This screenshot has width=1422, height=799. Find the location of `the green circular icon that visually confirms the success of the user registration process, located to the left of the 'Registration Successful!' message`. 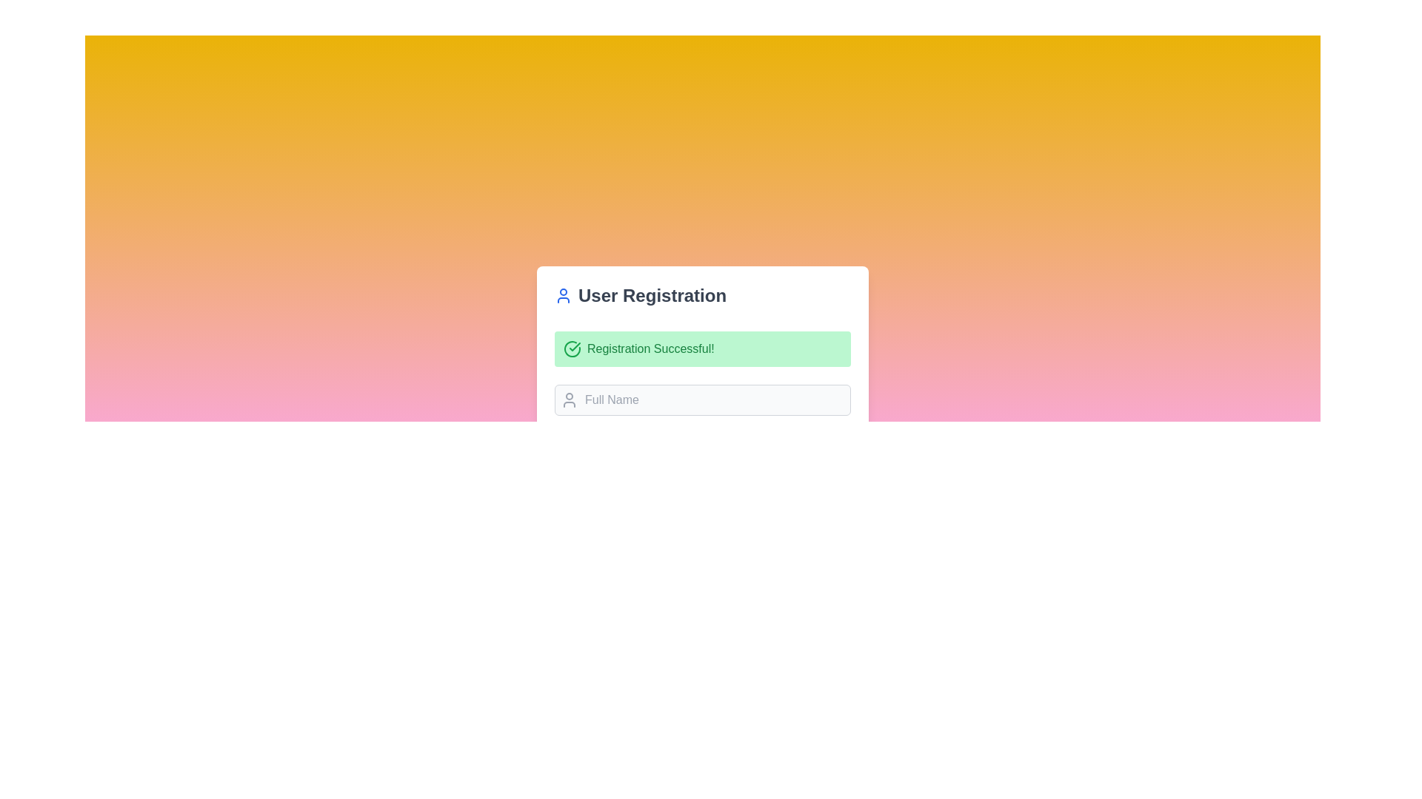

the green circular icon that visually confirms the success of the user registration process, located to the left of the 'Registration Successful!' message is located at coordinates (574, 347).